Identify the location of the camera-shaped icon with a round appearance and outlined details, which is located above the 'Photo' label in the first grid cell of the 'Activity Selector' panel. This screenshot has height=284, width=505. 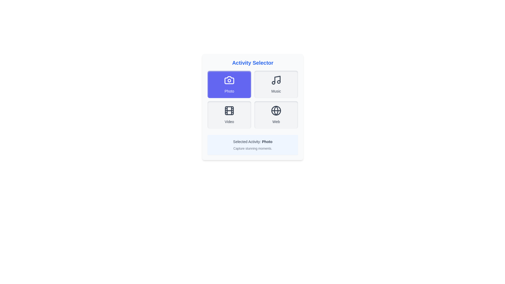
(229, 80).